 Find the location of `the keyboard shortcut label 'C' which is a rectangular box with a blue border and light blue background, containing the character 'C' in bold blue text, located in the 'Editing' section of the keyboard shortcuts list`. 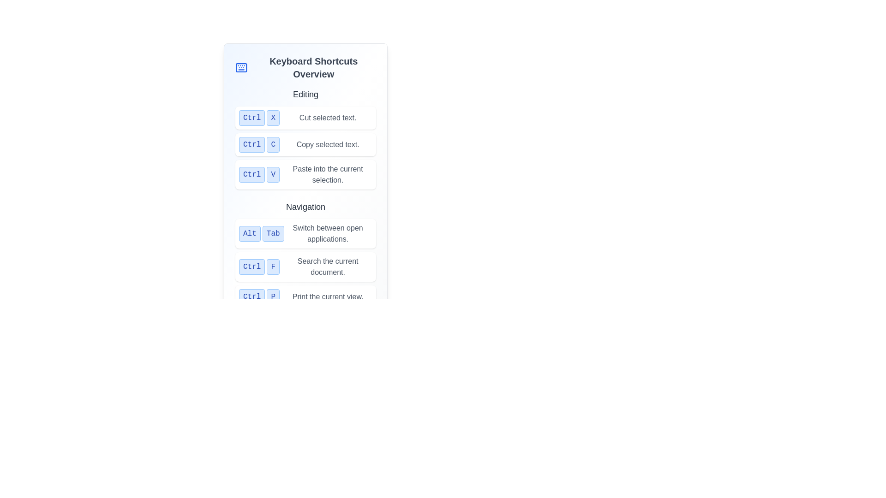

the keyboard shortcut label 'C' which is a rectangular box with a blue border and light blue background, containing the character 'C' in bold blue text, located in the 'Editing' section of the keyboard shortcuts list is located at coordinates (273, 144).